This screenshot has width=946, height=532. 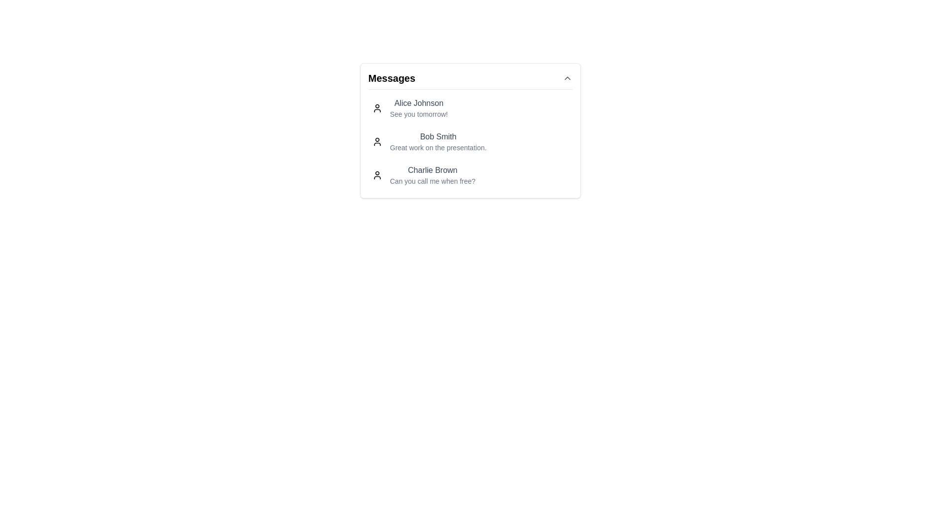 I want to click on the message entry for 'Bob Smith' in the Messages display component to interact with it, so click(x=470, y=130).